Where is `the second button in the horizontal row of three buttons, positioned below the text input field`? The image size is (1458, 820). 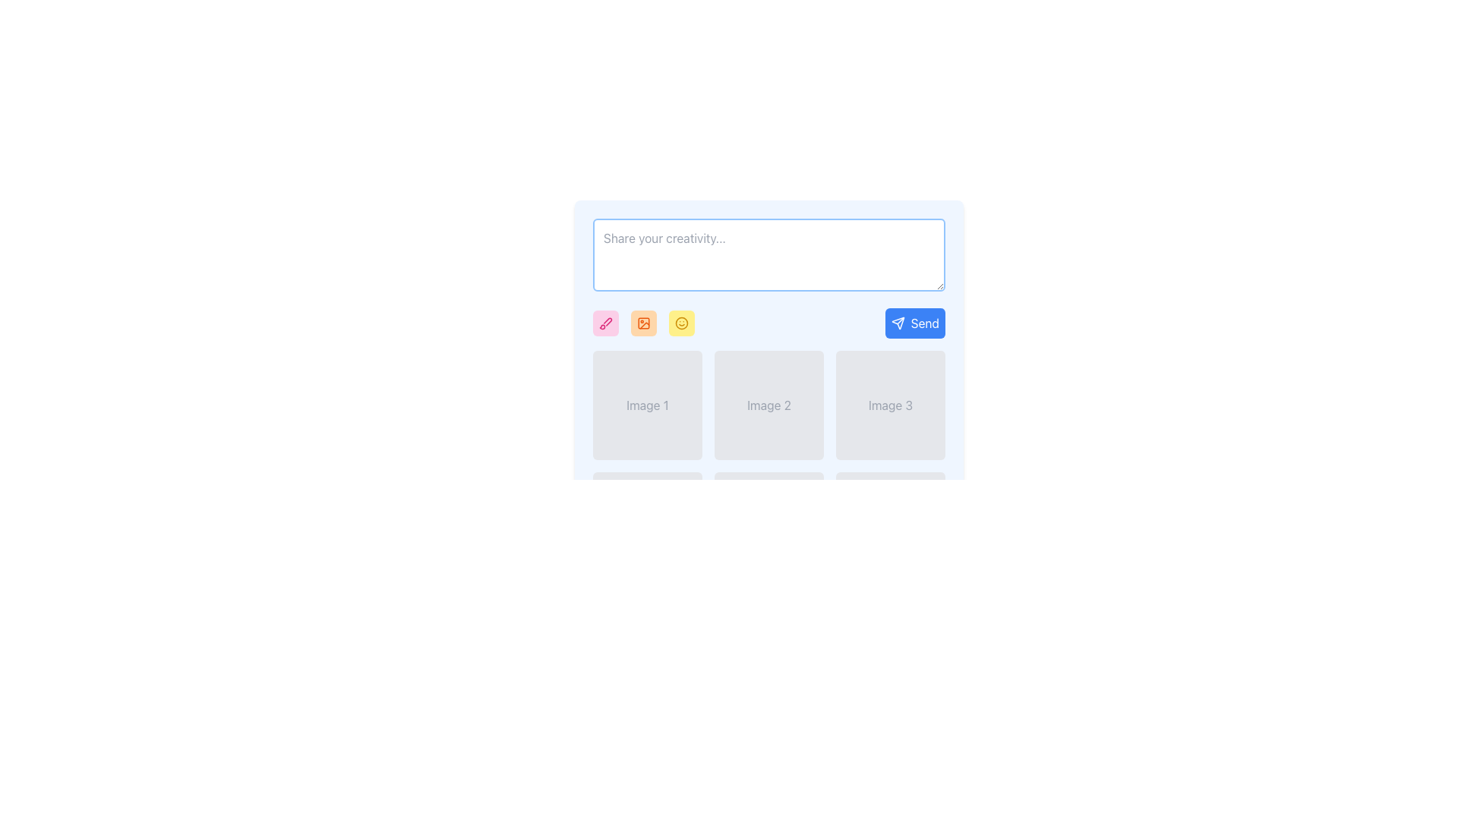
the second button in the horizontal row of three buttons, positioned below the text input field is located at coordinates (644, 322).